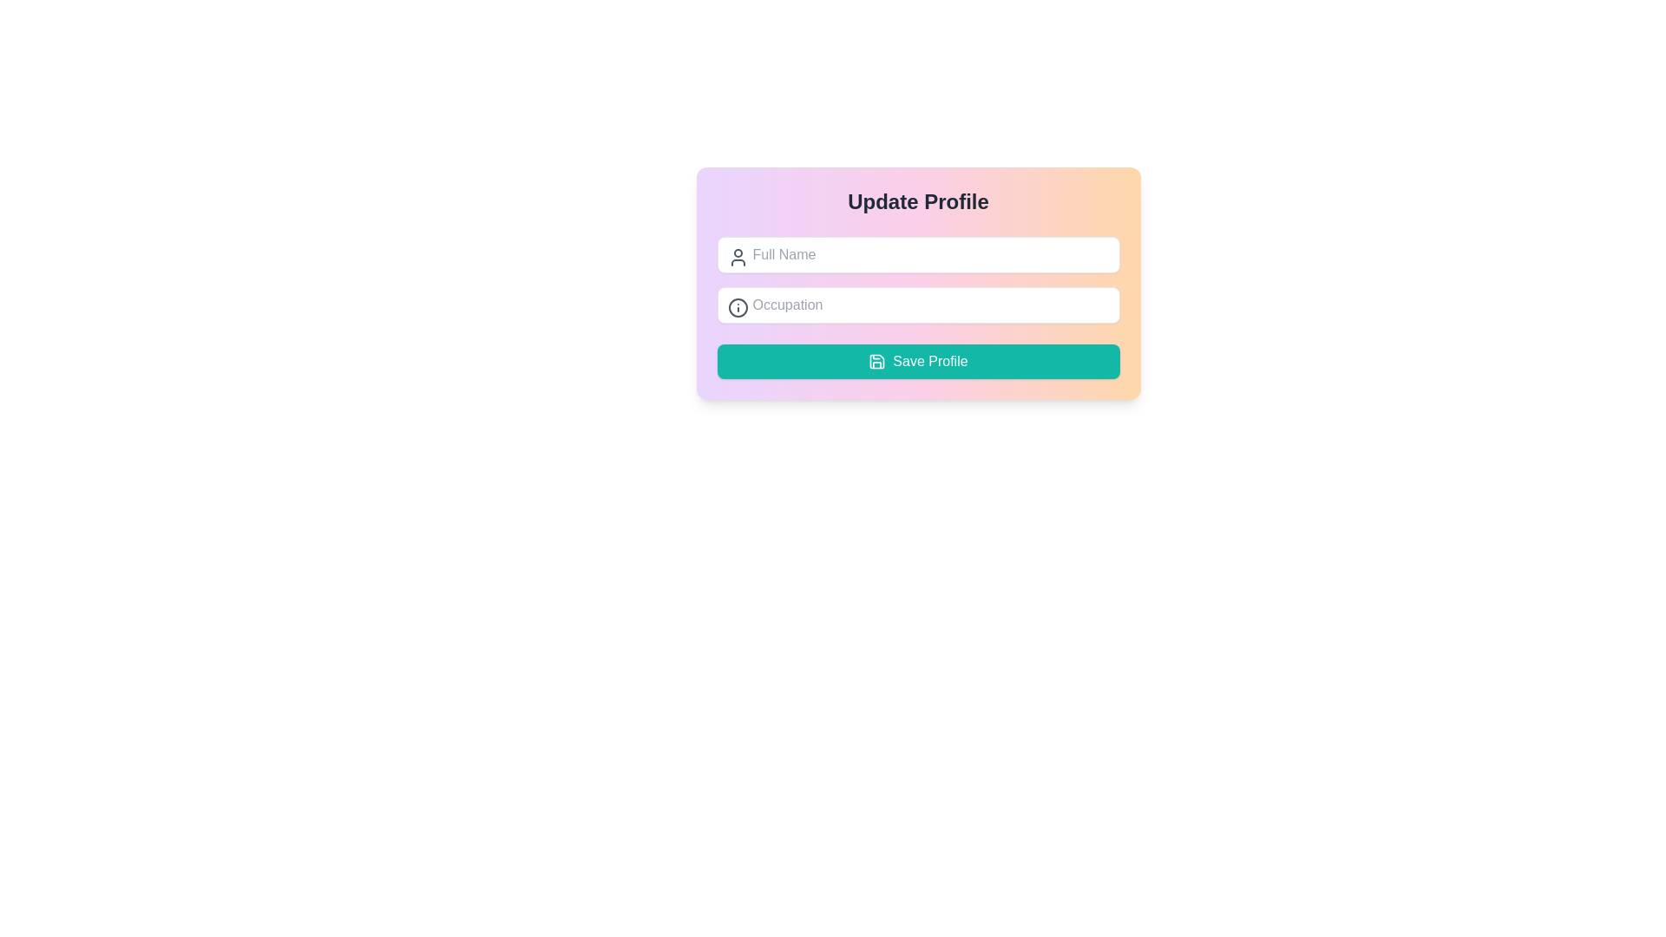 The image size is (1666, 937). I want to click on the user icon, which is a minimalistic silhouette of a person, located to the left of the 'Full Name' input field within the 'Update Profile' card, so click(738, 258).